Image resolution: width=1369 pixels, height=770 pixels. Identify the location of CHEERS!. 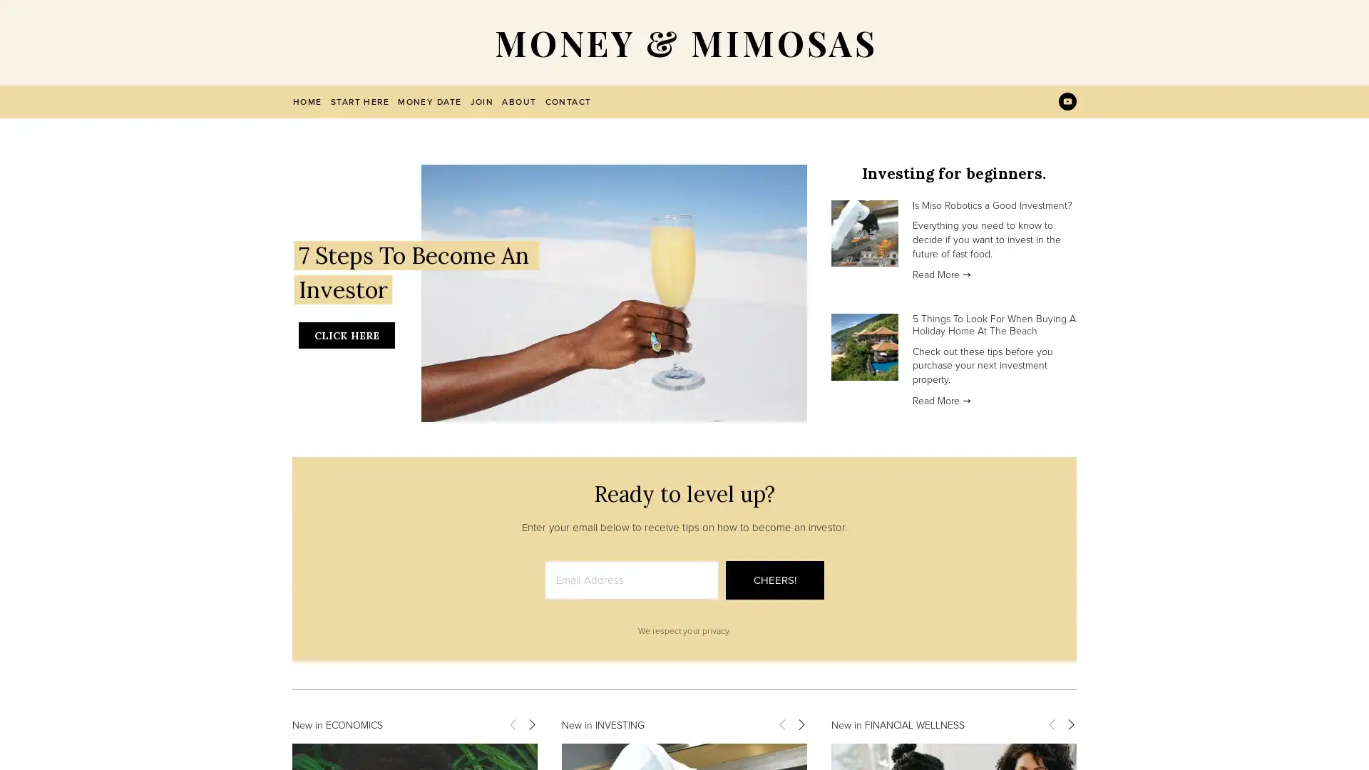
(774, 580).